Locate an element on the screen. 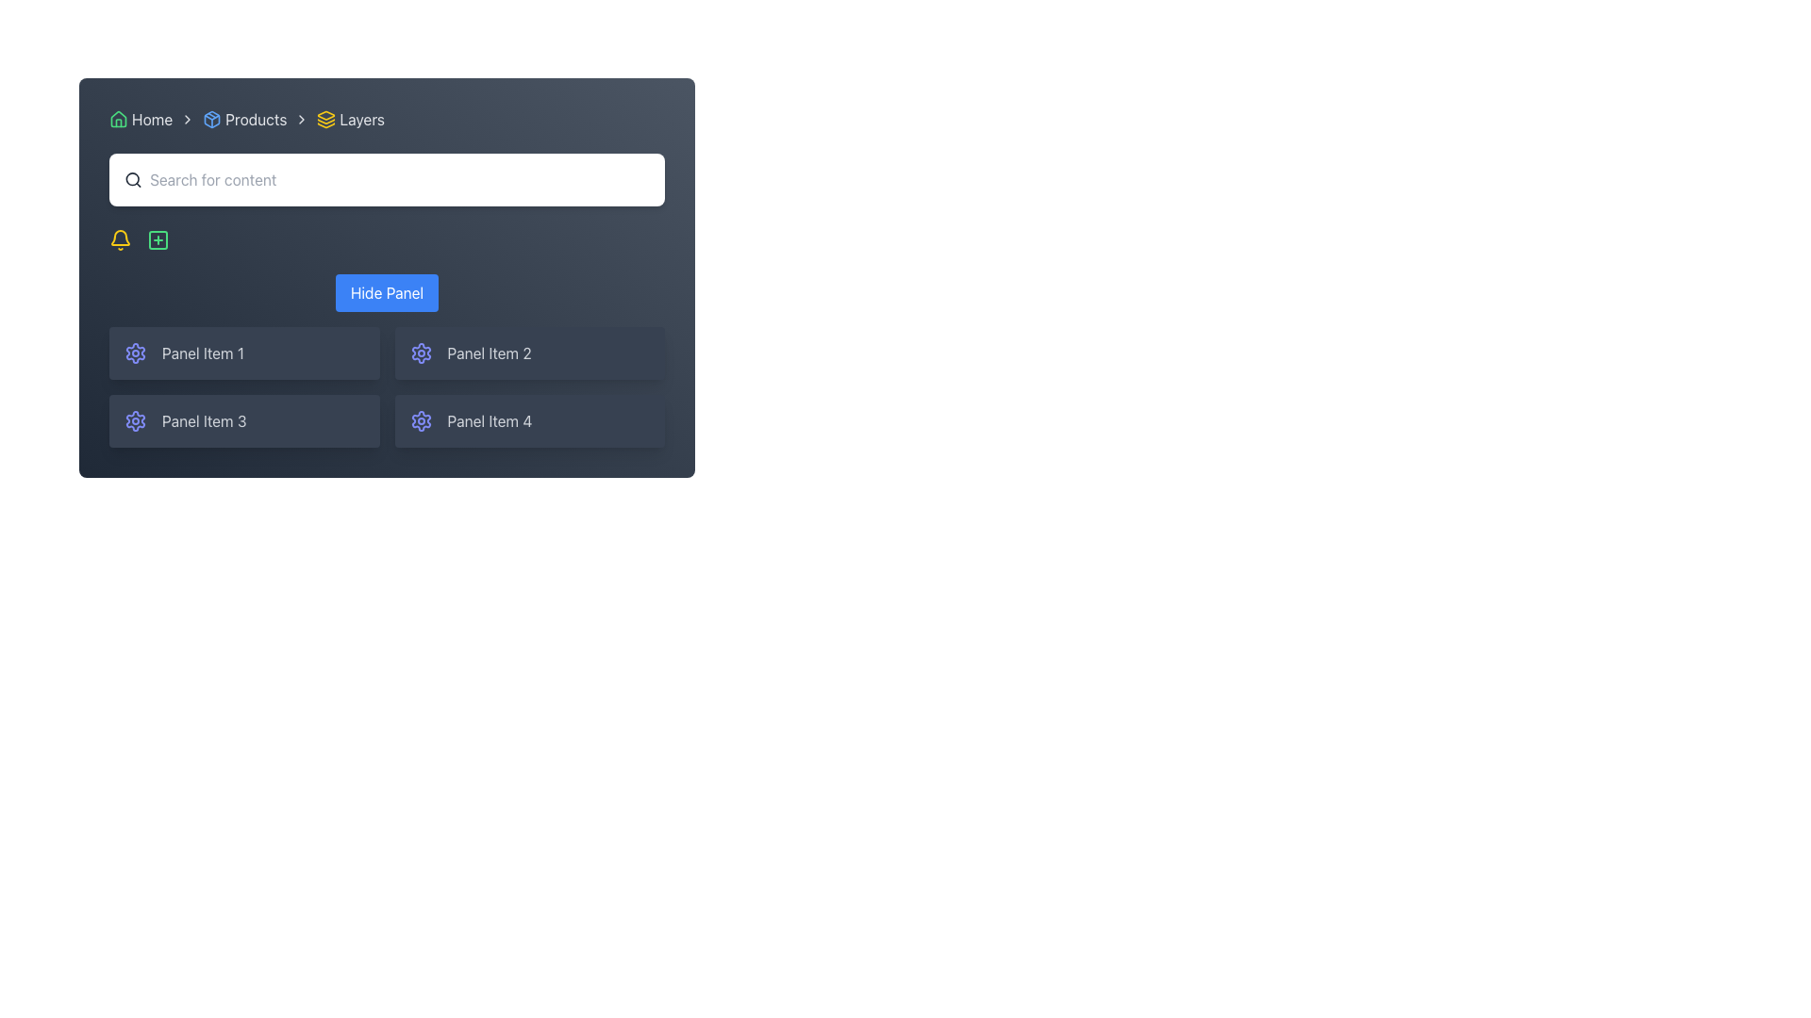 The width and height of the screenshot is (1811, 1018). the gear icon representing settings for 'Panel Item 1' located in the top-left group of four panels is located at coordinates (135, 353).